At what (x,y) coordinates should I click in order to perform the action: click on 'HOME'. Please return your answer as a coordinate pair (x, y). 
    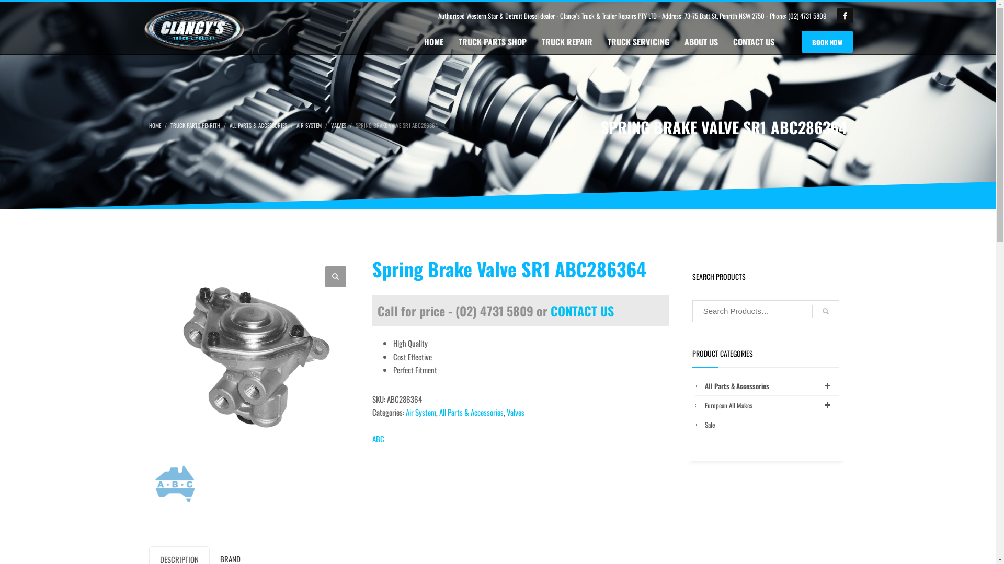
    Looking at the image, I should click on (433, 41).